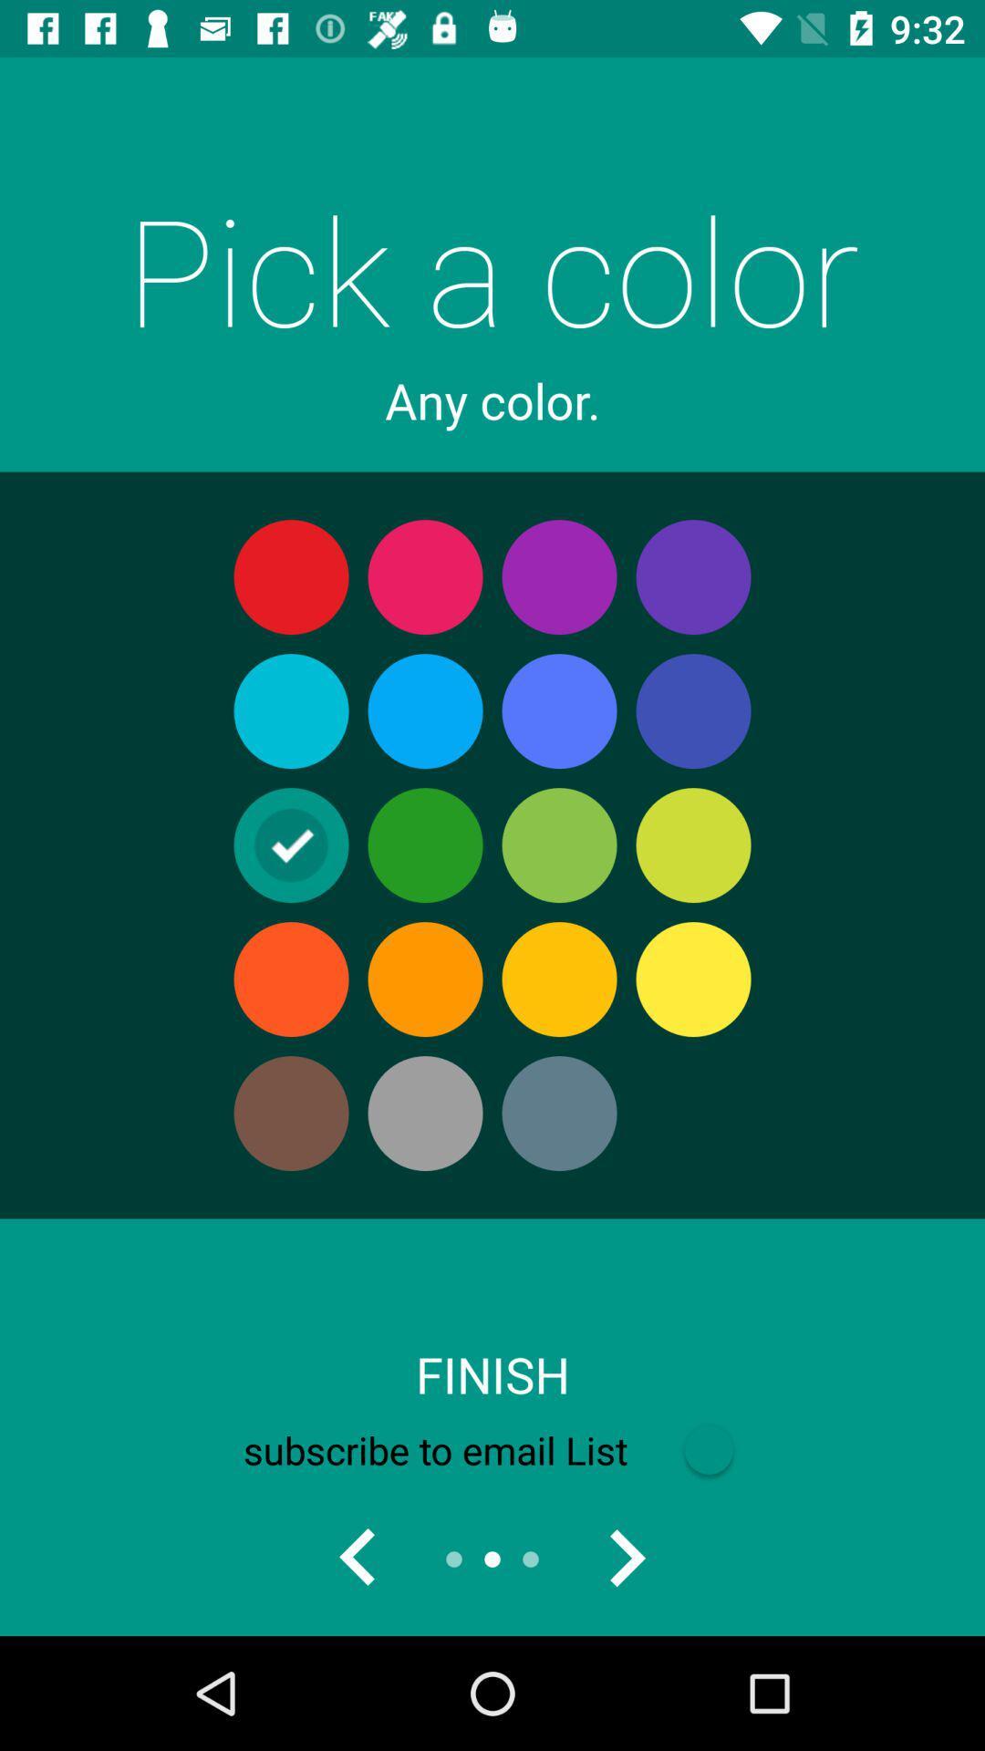 Image resolution: width=985 pixels, height=1751 pixels. Describe the element at coordinates (493, 1449) in the screenshot. I see `the subscribe to email item` at that location.